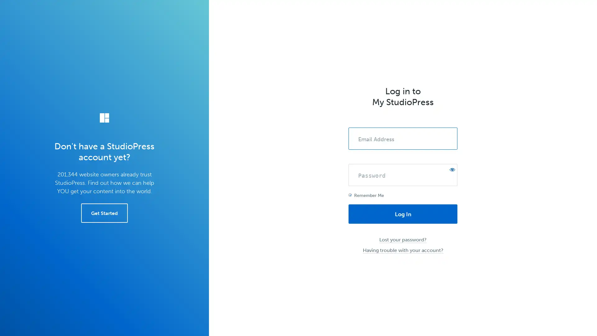 This screenshot has width=597, height=336. What do you see at coordinates (451, 170) in the screenshot?
I see `Show password` at bounding box center [451, 170].